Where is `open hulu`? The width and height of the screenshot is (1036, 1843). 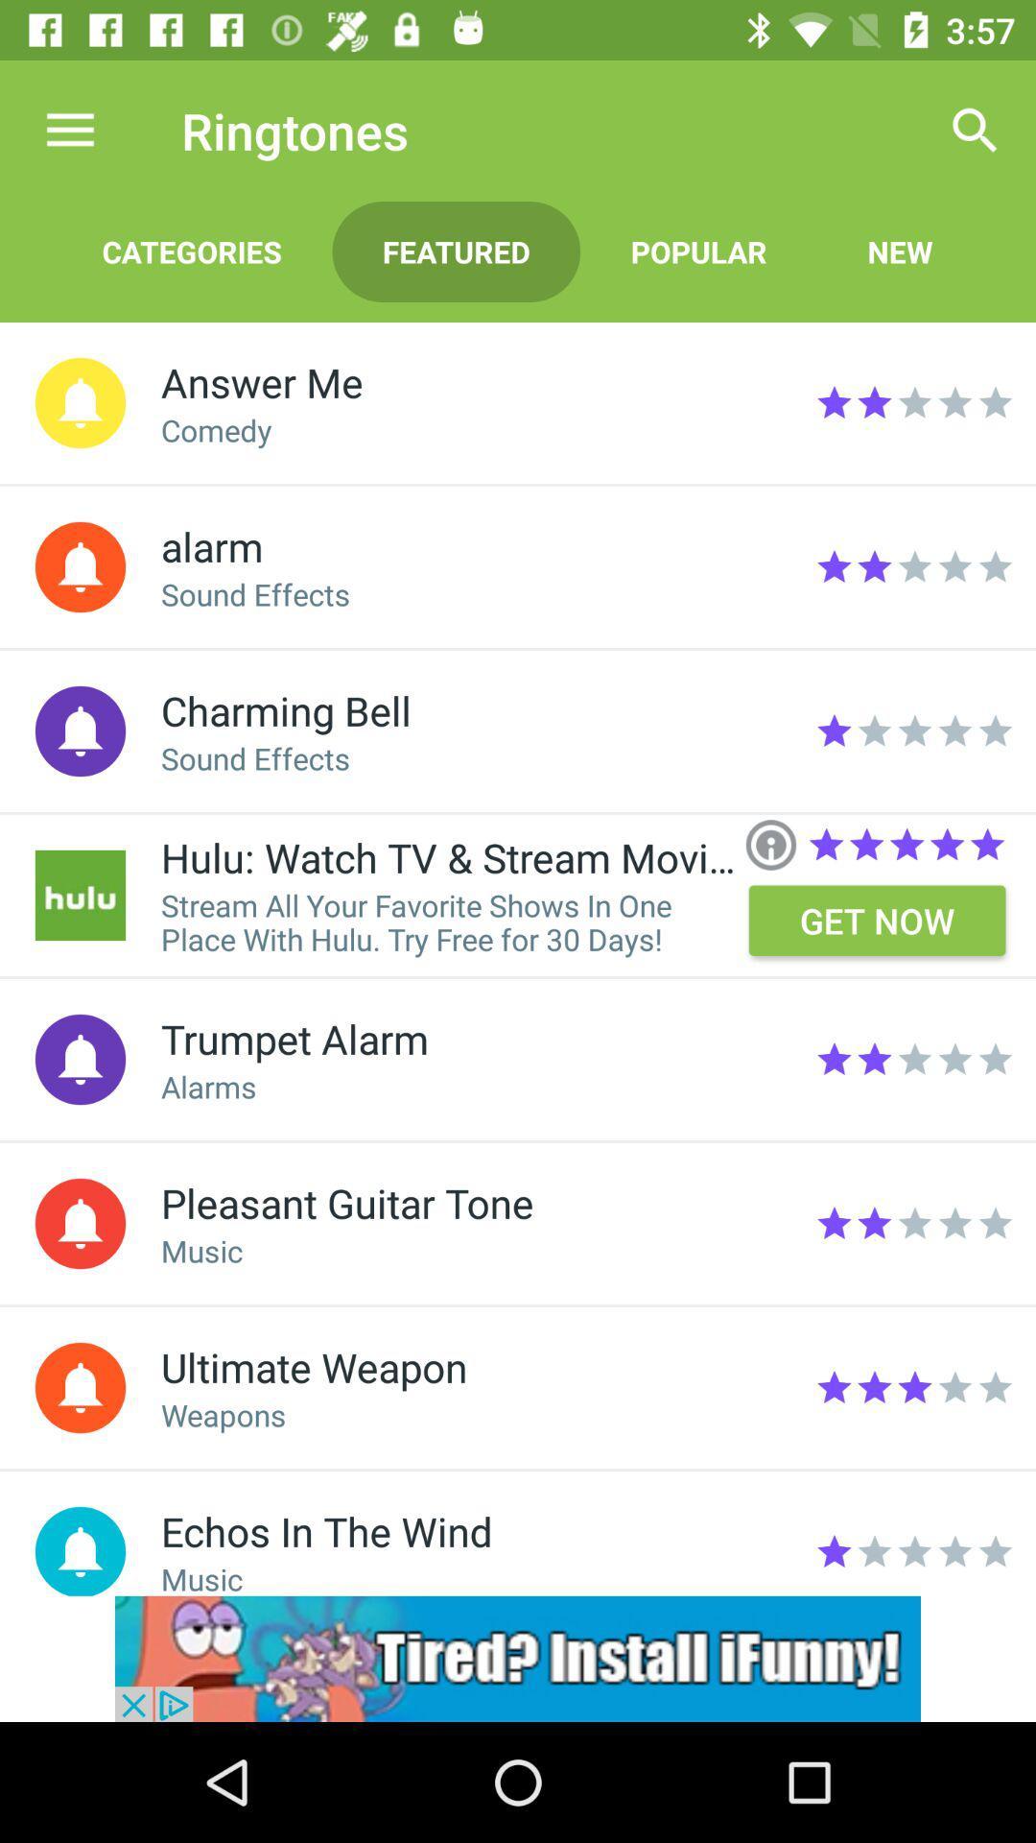 open hulu is located at coordinates (80, 894).